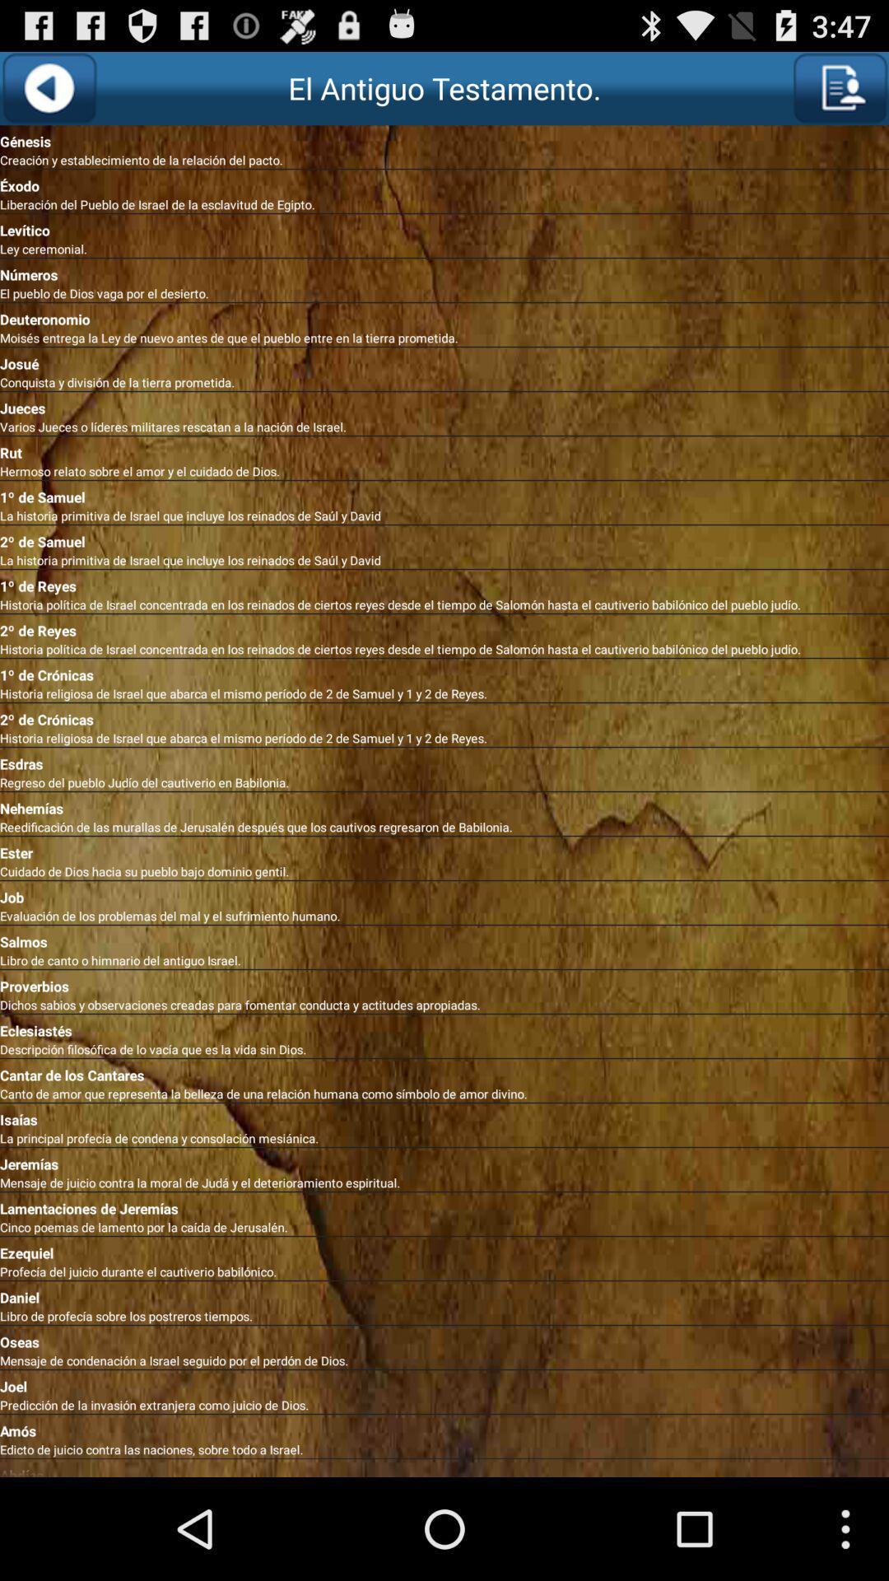  What do you see at coordinates (444, 450) in the screenshot?
I see `item above the hermoso relato sobre item` at bounding box center [444, 450].